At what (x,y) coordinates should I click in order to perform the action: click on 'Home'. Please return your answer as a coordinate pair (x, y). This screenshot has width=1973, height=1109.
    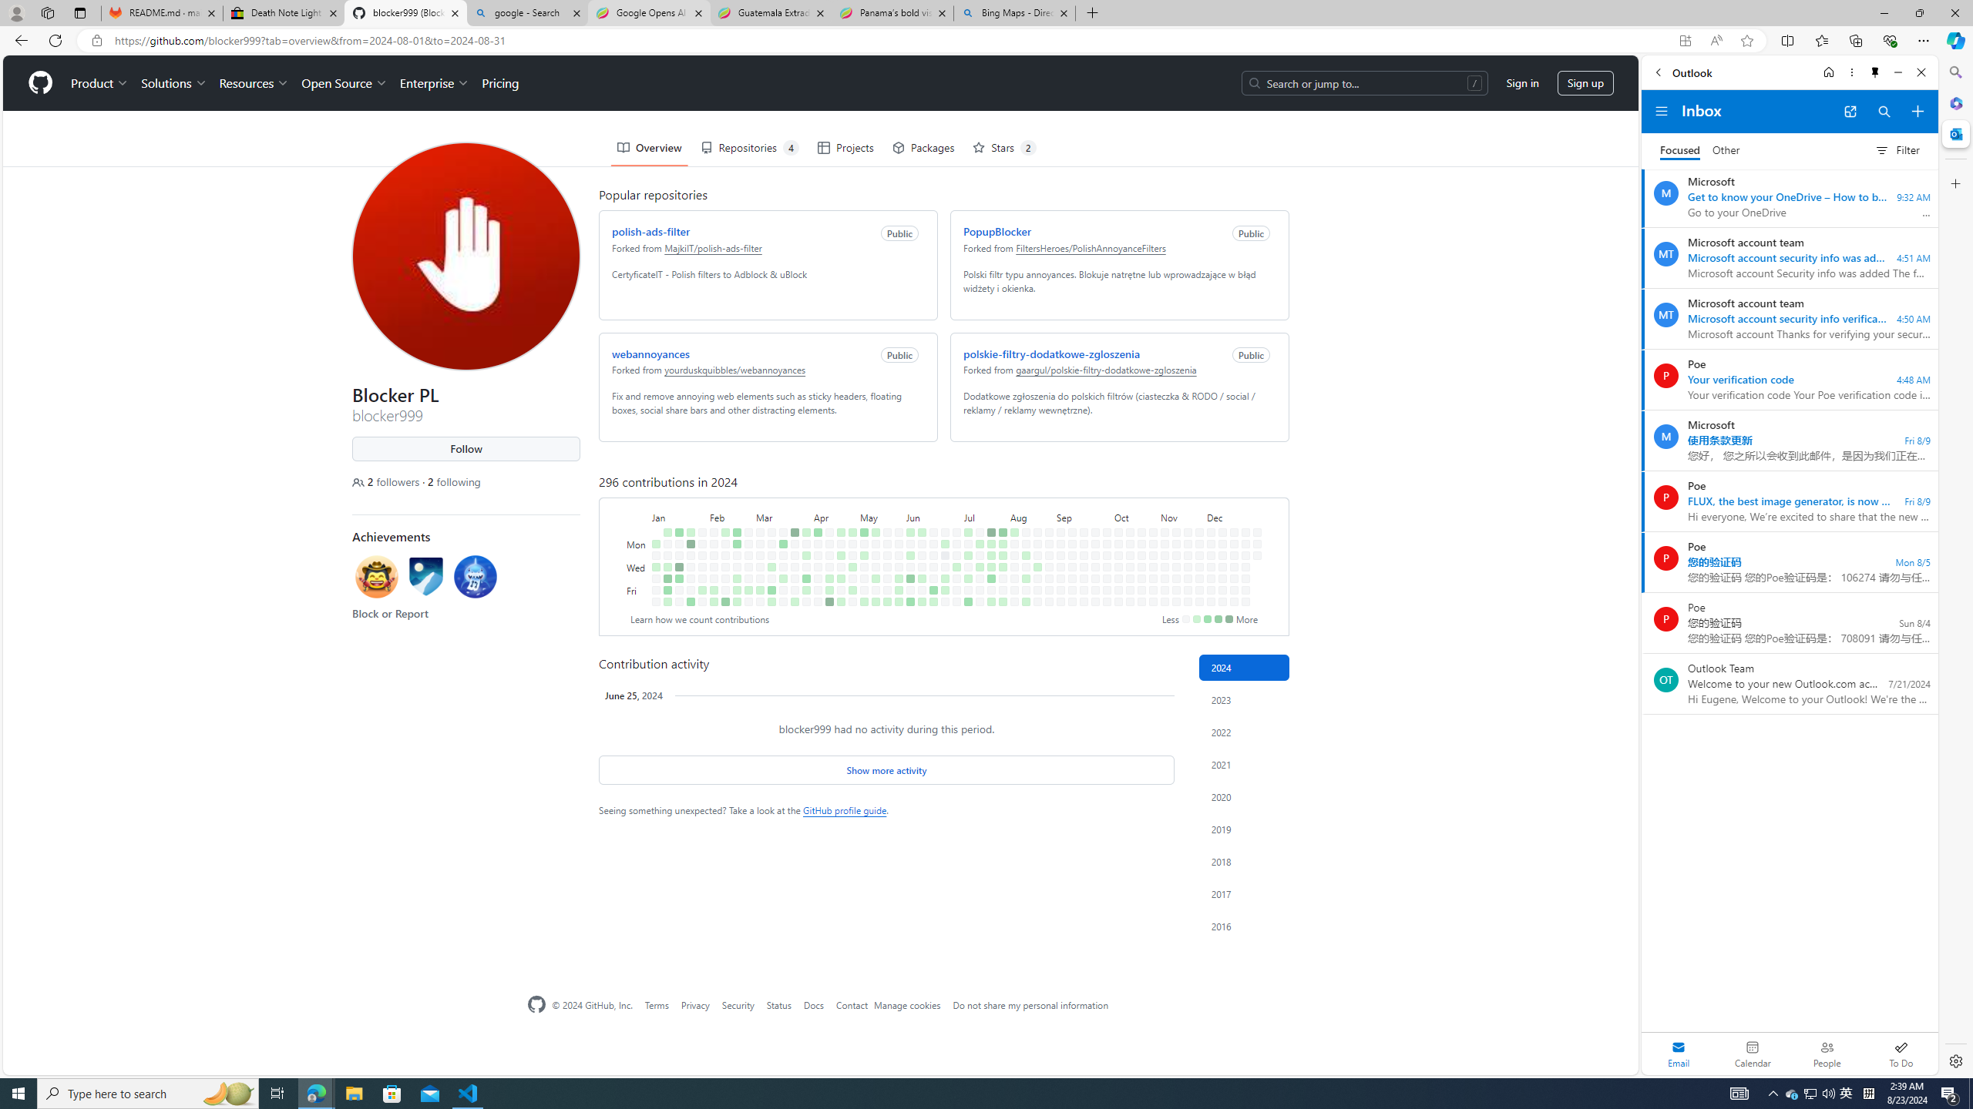
    Looking at the image, I should click on (1827, 72).